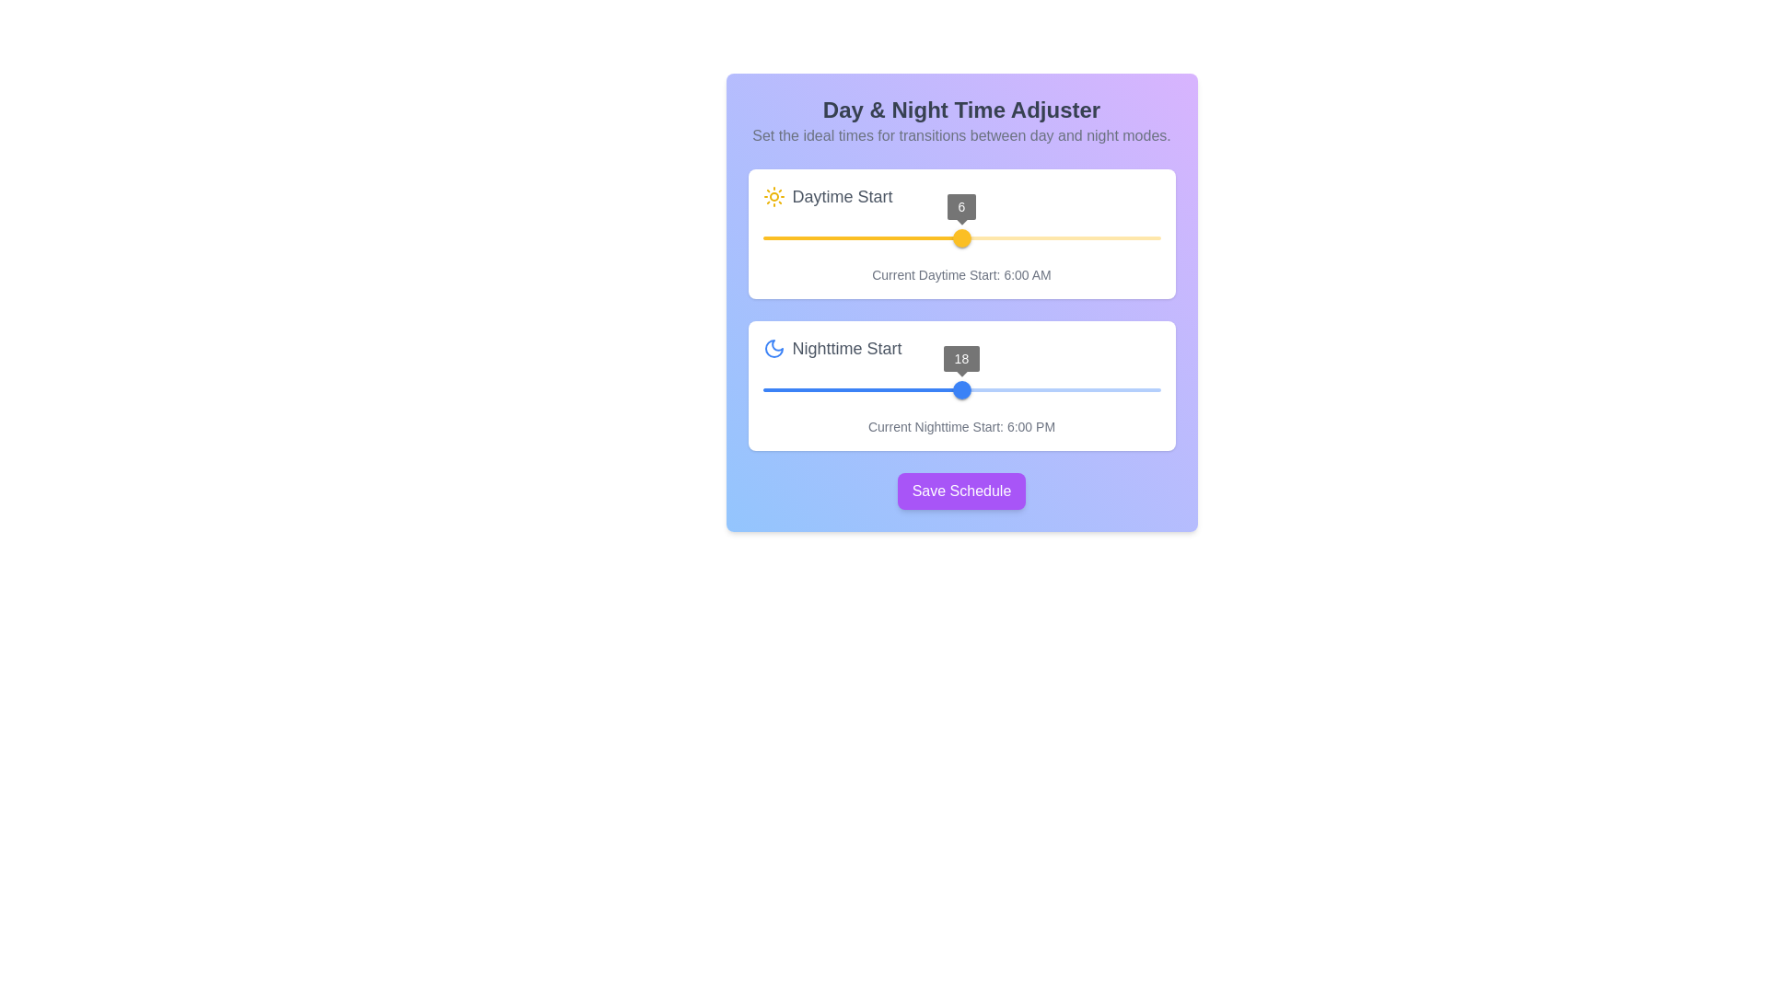 The image size is (1768, 994). I want to click on the daytime start, so click(844, 237).